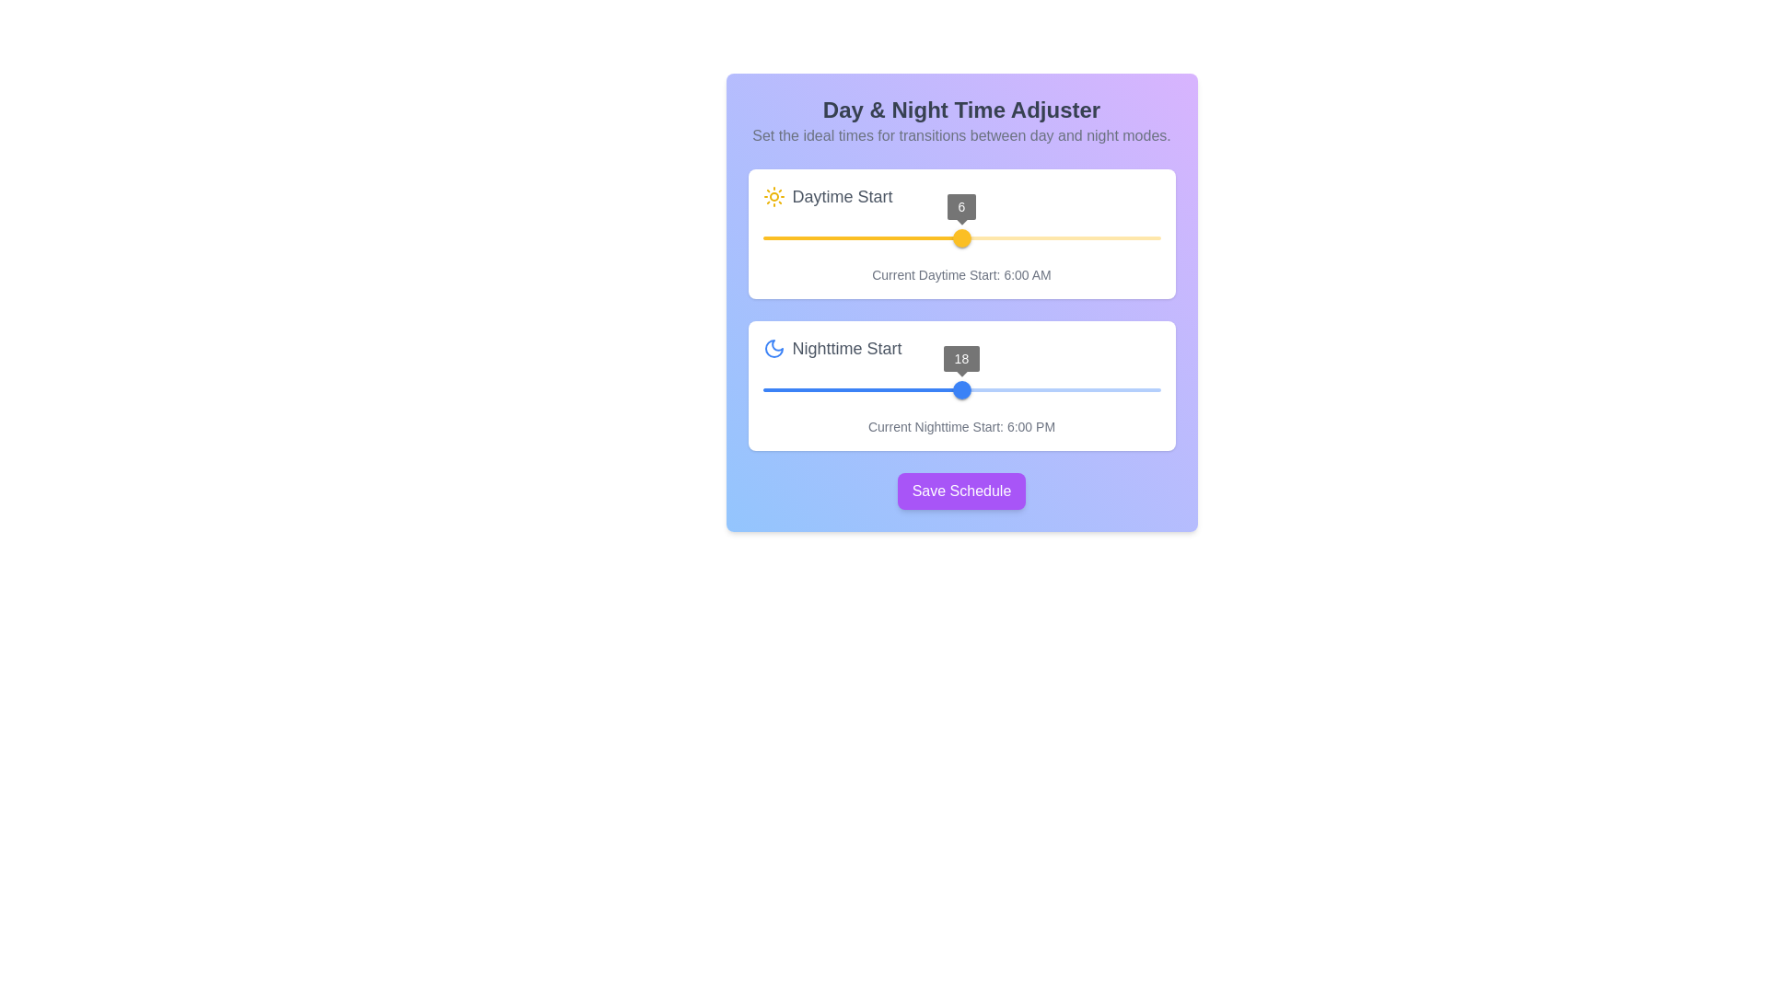 The image size is (1768, 994). I want to click on the daytime start, so click(844, 237).